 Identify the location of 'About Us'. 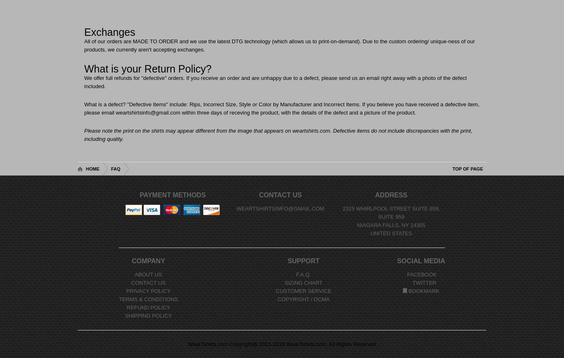
(147, 274).